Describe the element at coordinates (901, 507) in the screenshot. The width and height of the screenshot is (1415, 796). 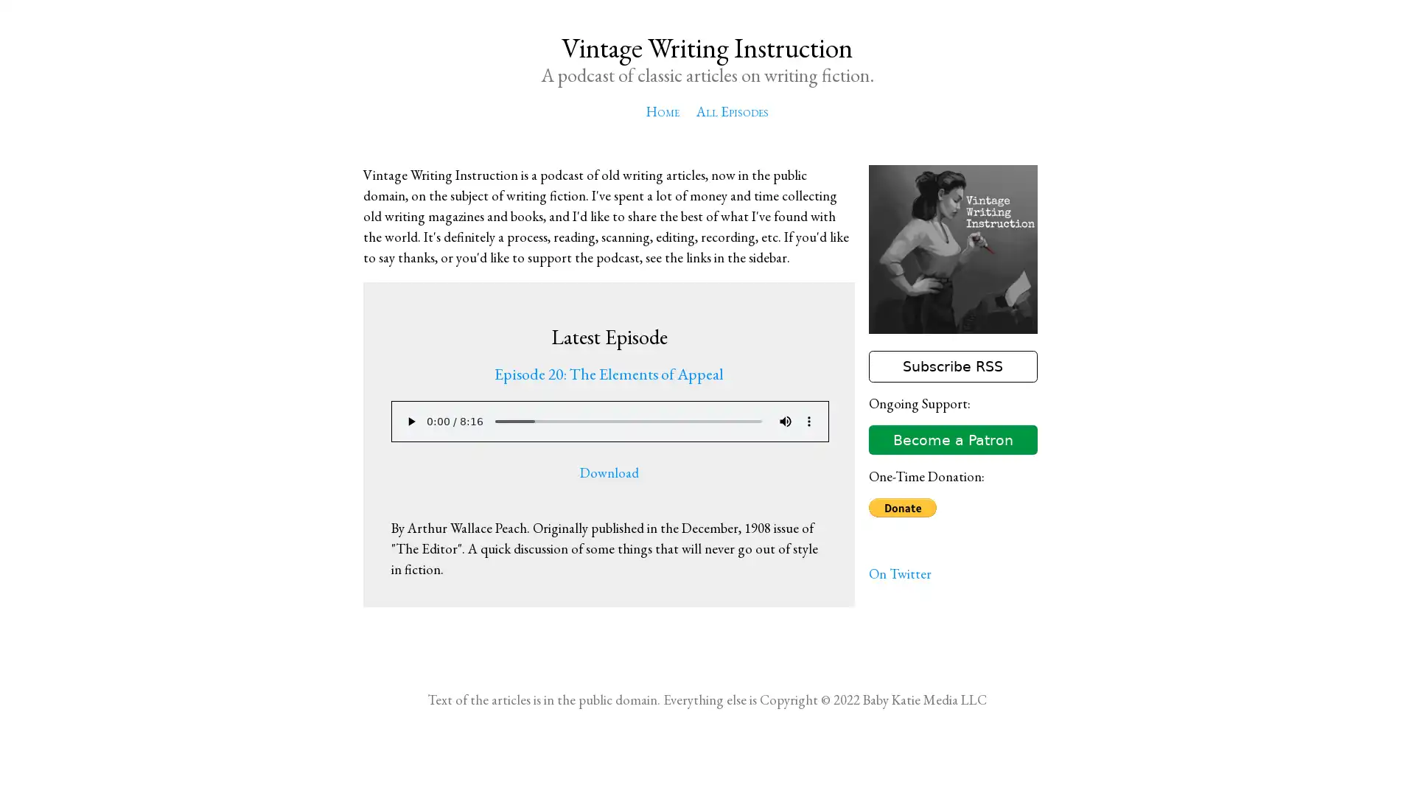
I see `Donate with PayPal button` at that location.